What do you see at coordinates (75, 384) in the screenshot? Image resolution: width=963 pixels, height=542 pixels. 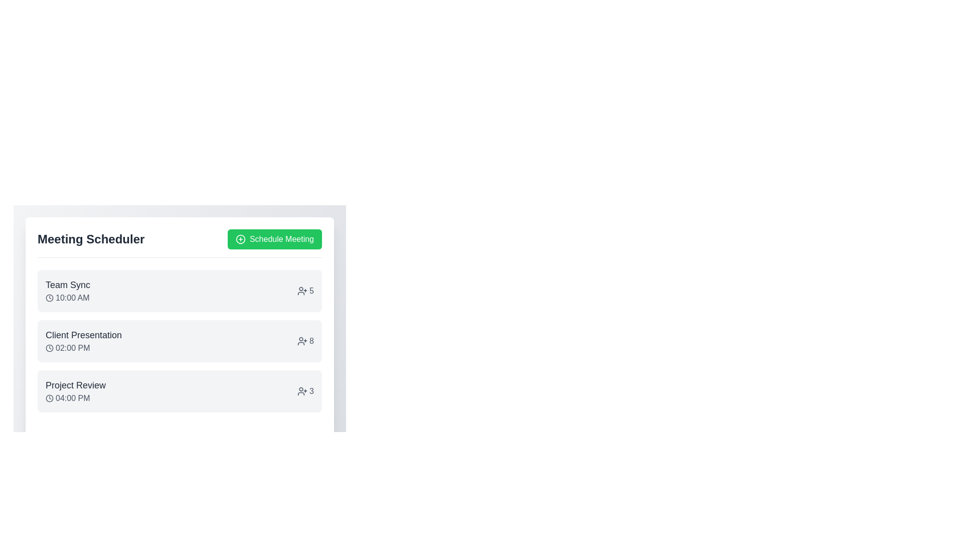 I see `the static text label that serves as the title of an event or meeting entry in the scheduling application, located above the time '04:00 PM'` at bounding box center [75, 384].